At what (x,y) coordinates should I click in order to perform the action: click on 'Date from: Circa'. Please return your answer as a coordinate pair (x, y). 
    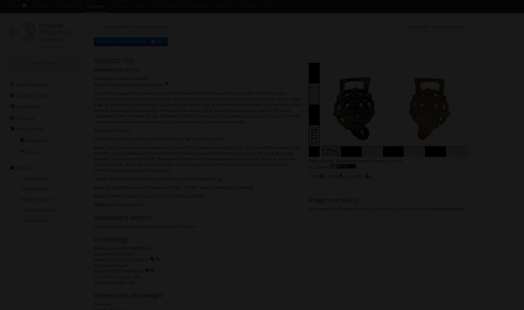
    Looking at the image, I should click on (94, 276).